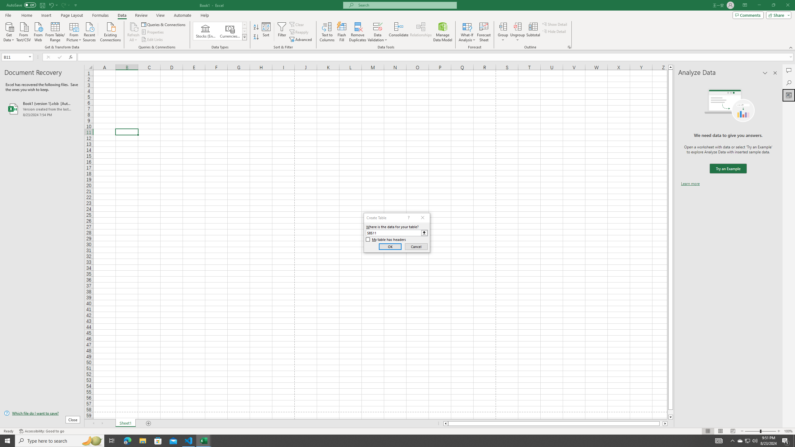  I want to click on 'Currencies (English)', so click(229, 31).